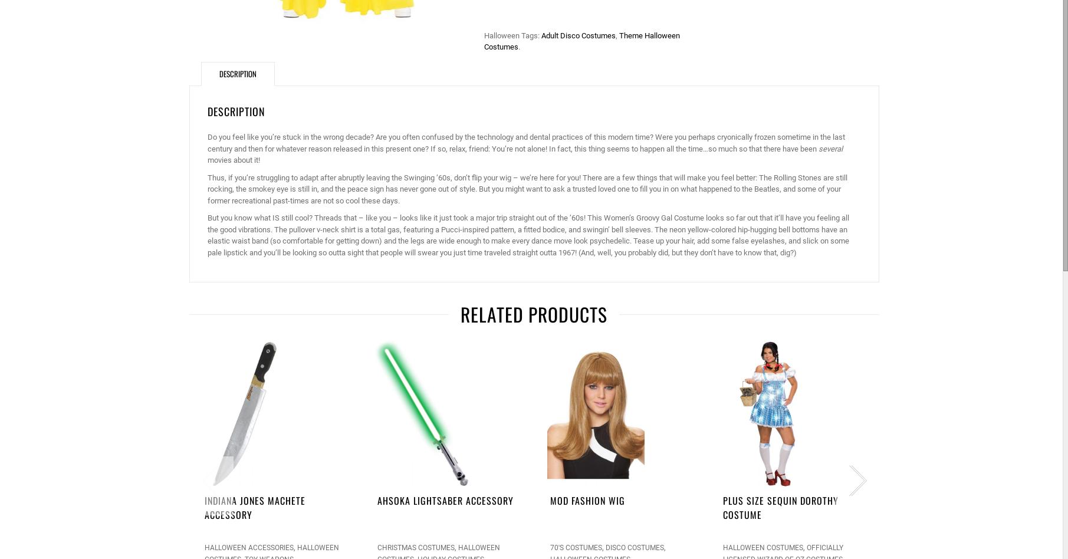 Image resolution: width=1068 pixels, height=559 pixels. I want to click on 'Do you feel like you’re stuck in the wrong decade? Are you often confused by the technology and dental practices of this modern time? Were you perhaps cryonically frozen sometime in the last century and then for whatever reason released in this present one? If so, relax, friend: You’re not alone! In fact, this thing seems to happen all the time…so much so that there have been', so click(206, 143).